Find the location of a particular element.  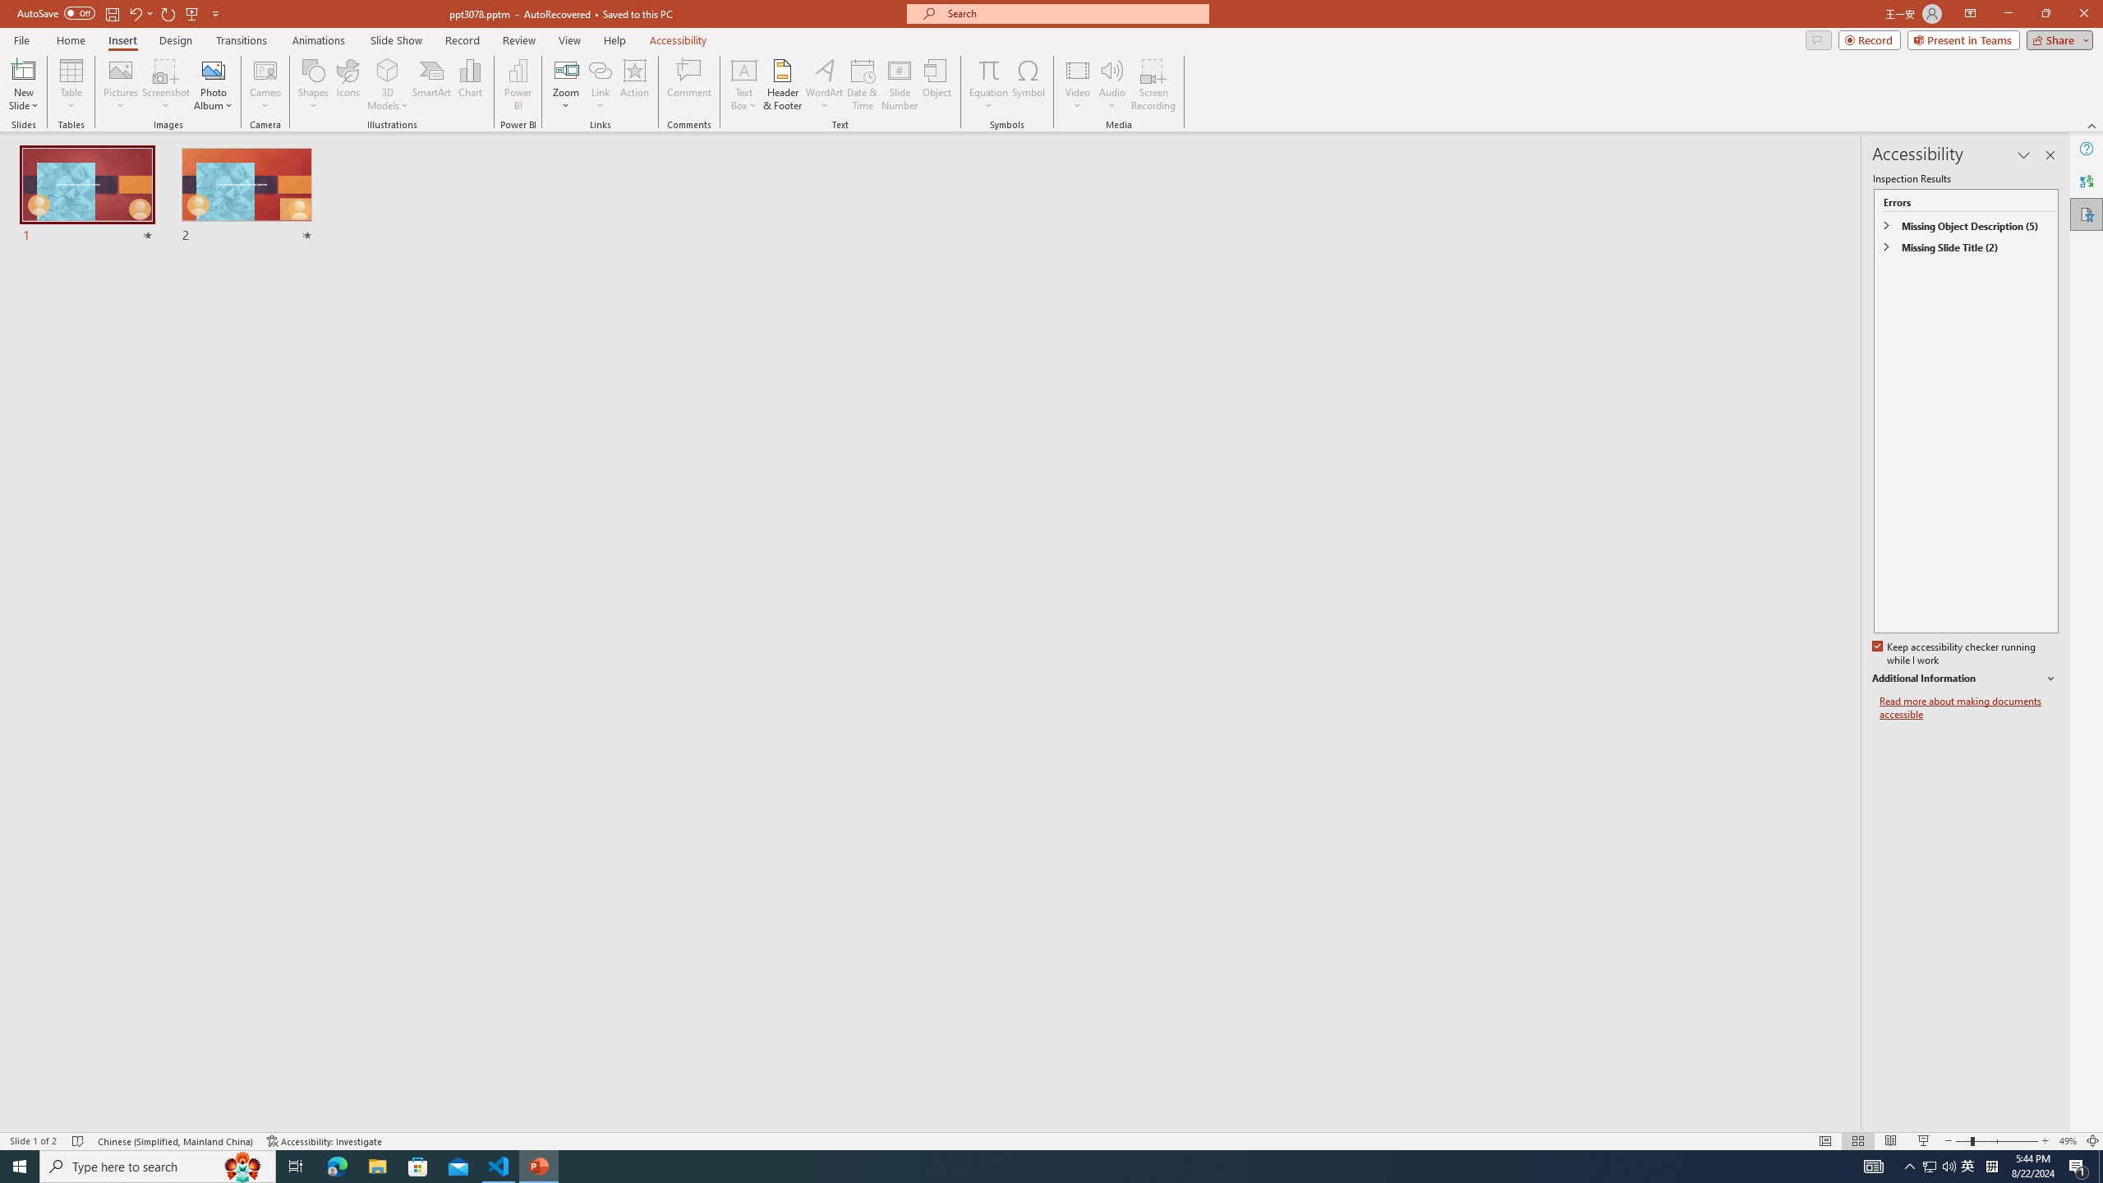

'3D Models' is located at coordinates (388, 69).